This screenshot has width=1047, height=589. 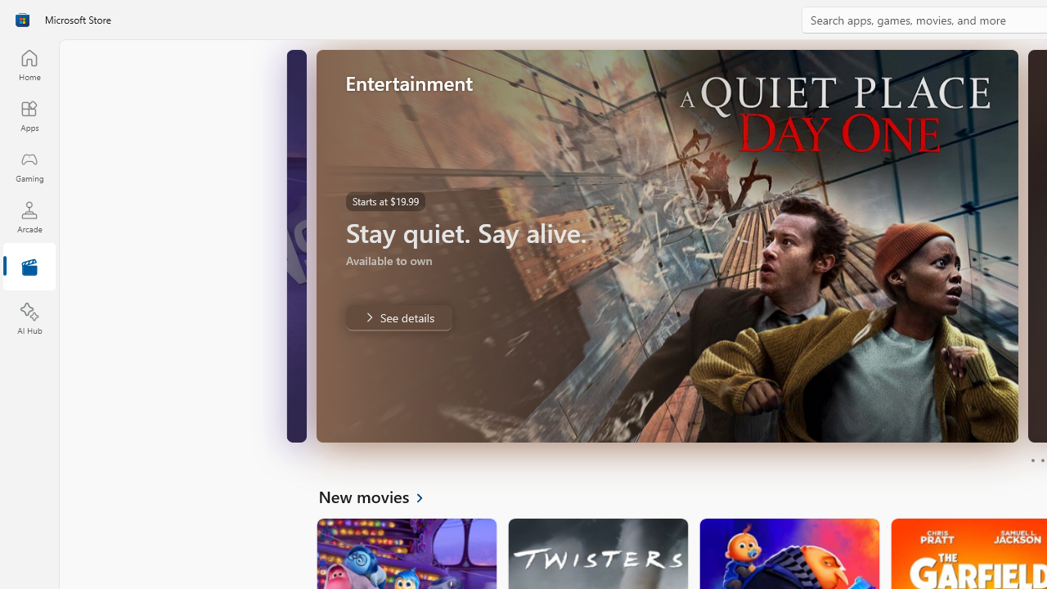 I want to click on 'Class: Image', so click(x=22, y=20).